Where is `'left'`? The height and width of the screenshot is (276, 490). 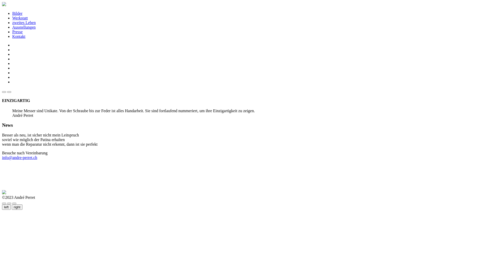 'left' is located at coordinates (6, 207).